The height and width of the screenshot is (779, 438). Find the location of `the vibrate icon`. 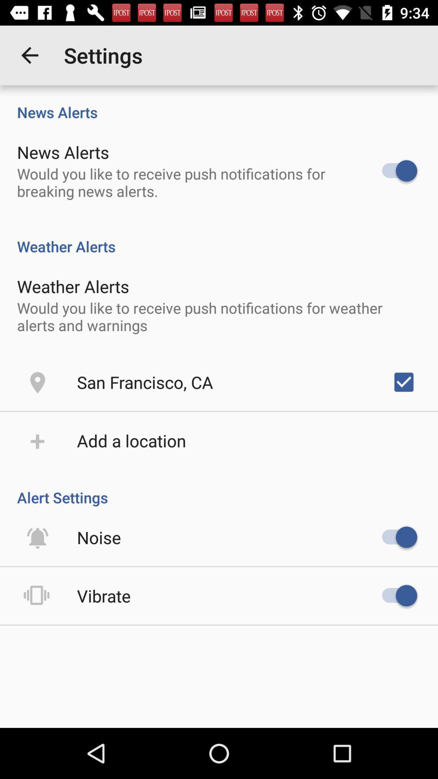

the vibrate icon is located at coordinates (103, 596).